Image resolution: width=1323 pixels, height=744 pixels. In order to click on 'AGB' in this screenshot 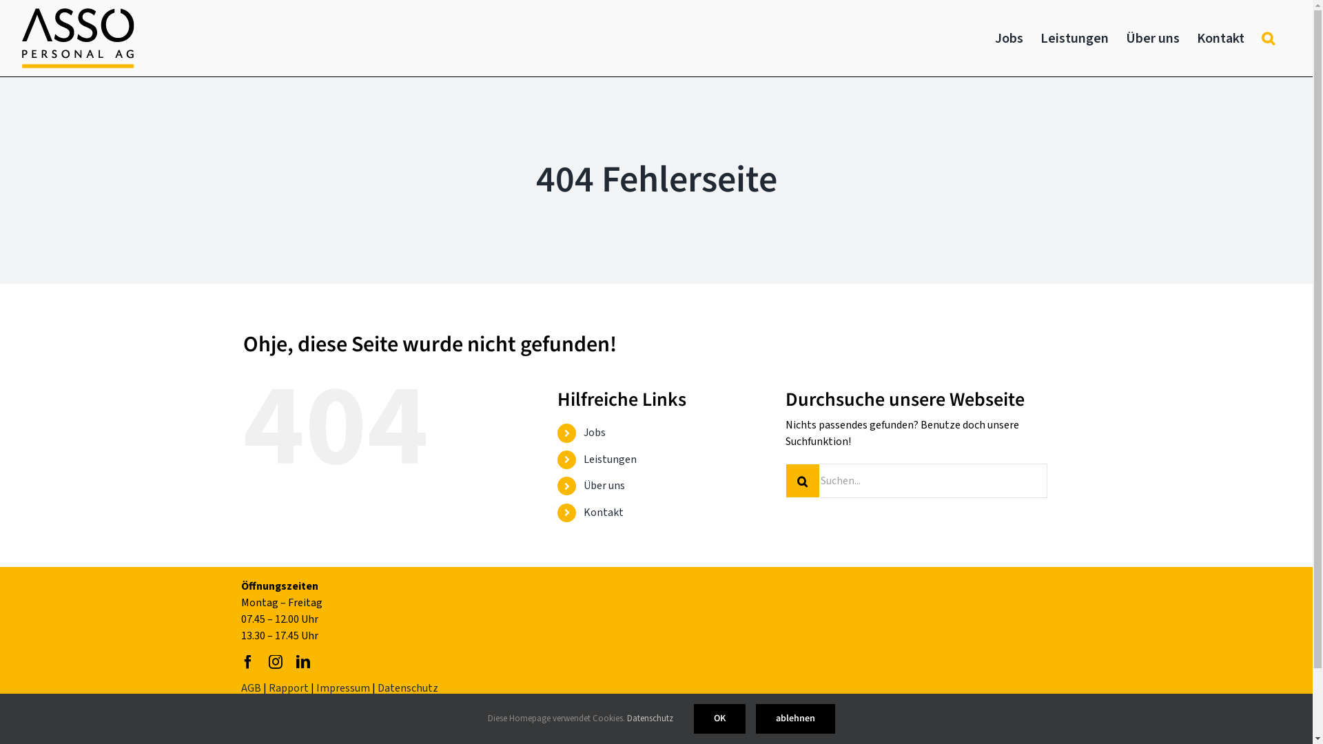, I will do `click(251, 688)`.